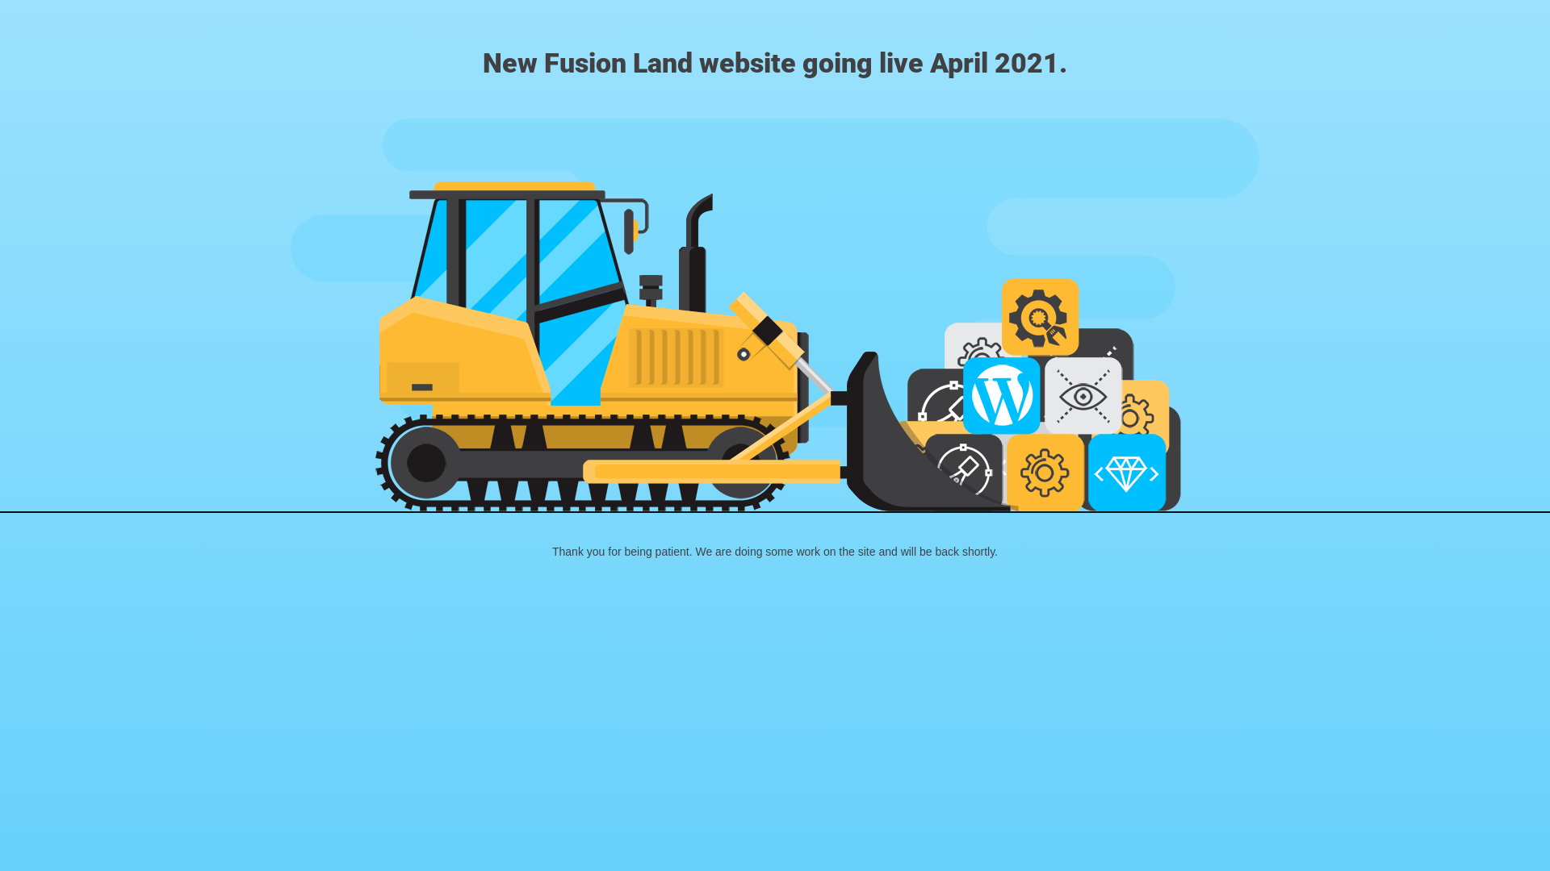  I want to click on 'Bulldozer at Work', so click(775, 315).